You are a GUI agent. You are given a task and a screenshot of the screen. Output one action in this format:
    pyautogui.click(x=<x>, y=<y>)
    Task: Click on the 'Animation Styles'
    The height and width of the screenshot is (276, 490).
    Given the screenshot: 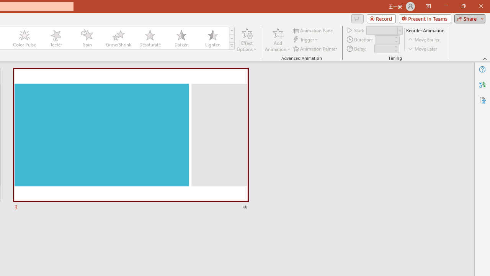 What is the action you would take?
    pyautogui.click(x=231, y=46)
    